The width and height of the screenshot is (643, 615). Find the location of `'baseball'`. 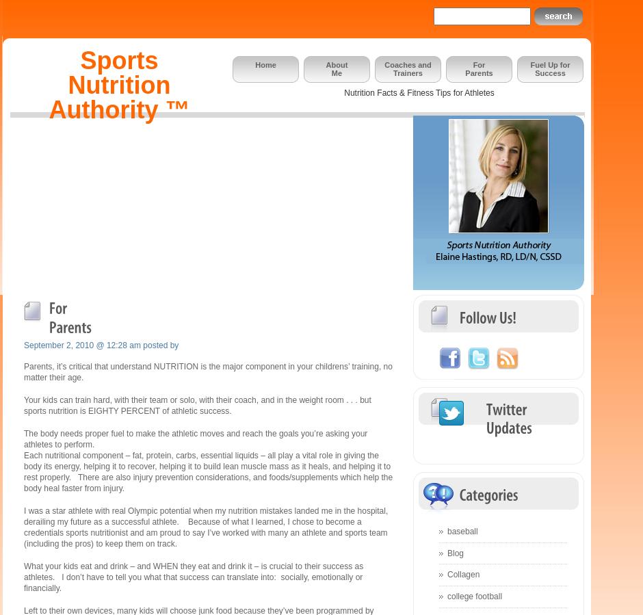

'baseball' is located at coordinates (447, 531).